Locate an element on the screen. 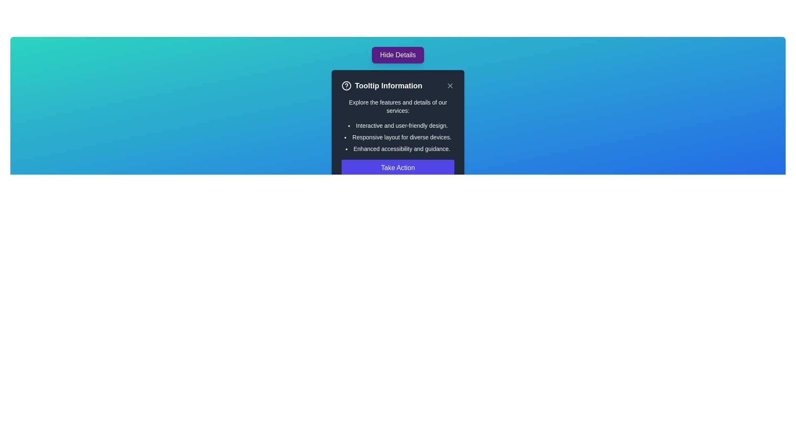 The image size is (796, 448). the circular outline of the help icon located in the header of the tooltip card, which is positioned to the immediate left of the title text 'Tooltip Information' is located at coordinates (346, 86).